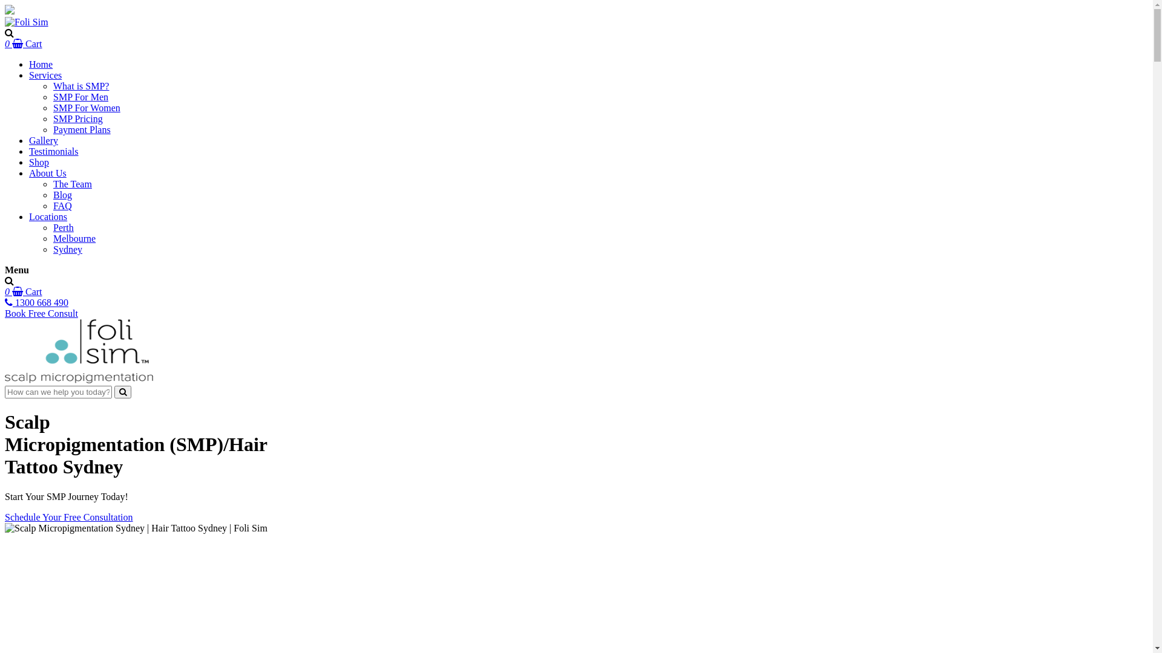 This screenshot has width=1162, height=653. I want to click on 'SMP For Men', so click(80, 96).